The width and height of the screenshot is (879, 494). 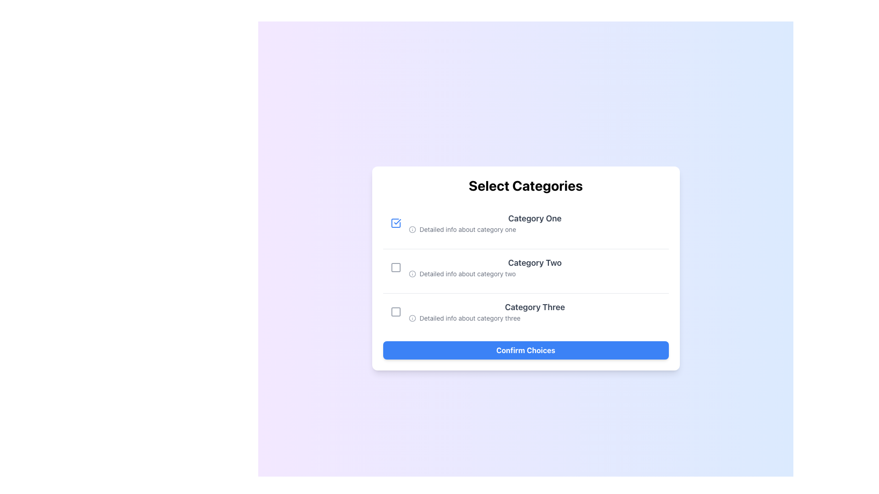 I want to click on informational text block displaying the title 'Category Two' and its description 'Detailed info about category two', which is the second entry in a vertically stacked list of categories, so click(x=535, y=268).